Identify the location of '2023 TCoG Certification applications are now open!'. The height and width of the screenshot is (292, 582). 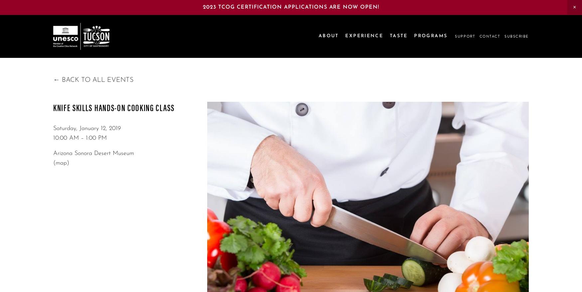
(291, 6).